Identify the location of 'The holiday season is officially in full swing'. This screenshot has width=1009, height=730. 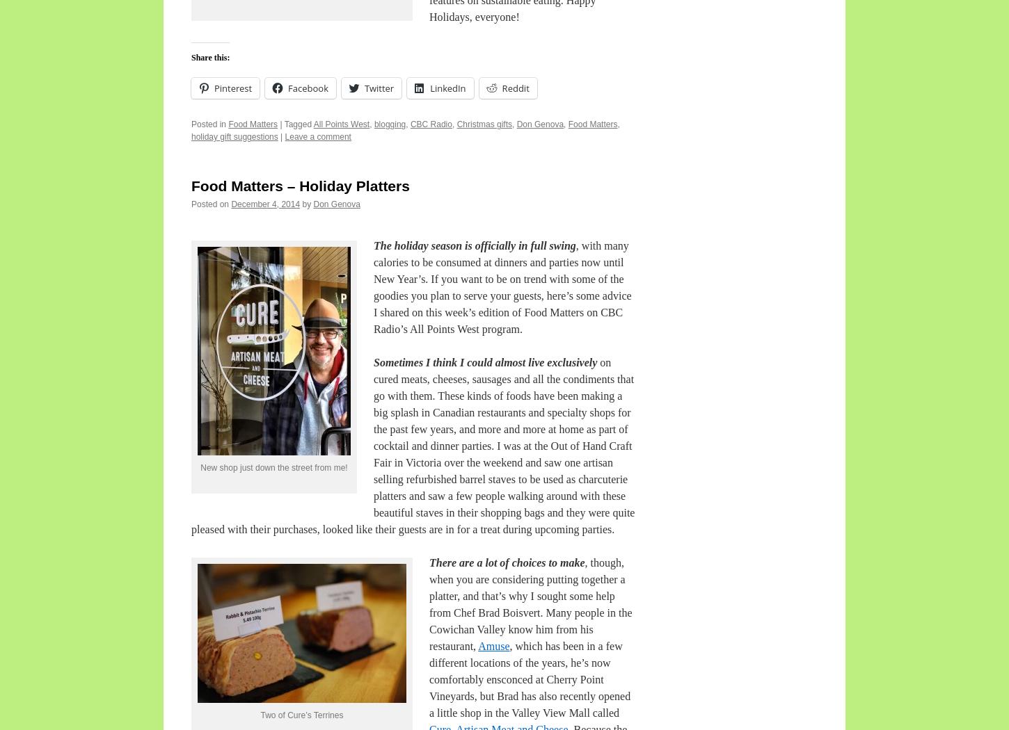
(473, 244).